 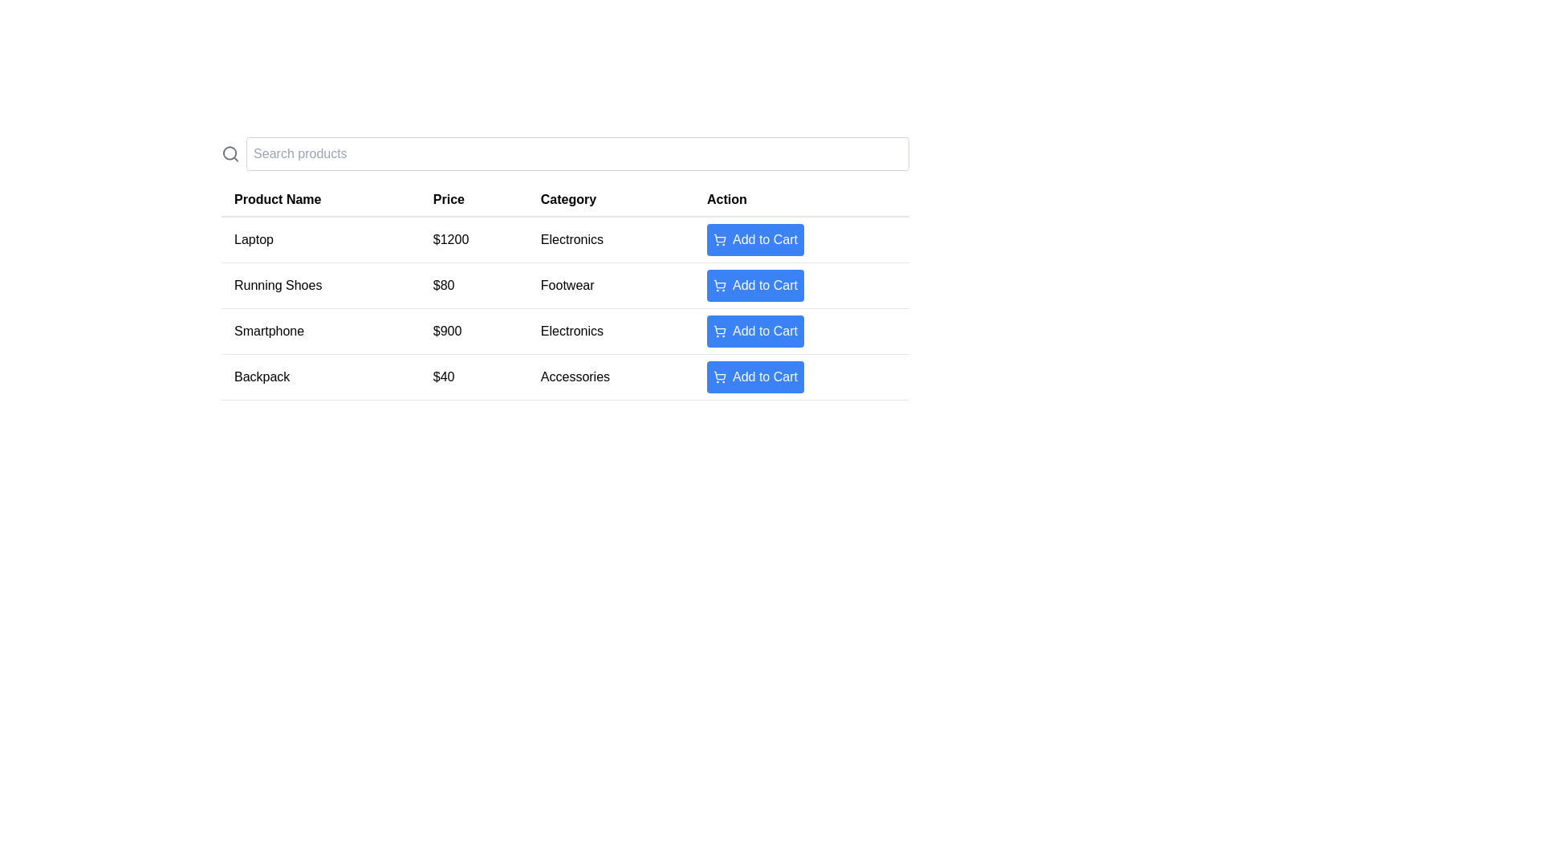 What do you see at coordinates (764, 377) in the screenshot?
I see `the 'Add to Cart' button with a blue background and white text, located at the 'Backpack' product entry in the table, to provide potential visual feedback` at bounding box center [764, 377].